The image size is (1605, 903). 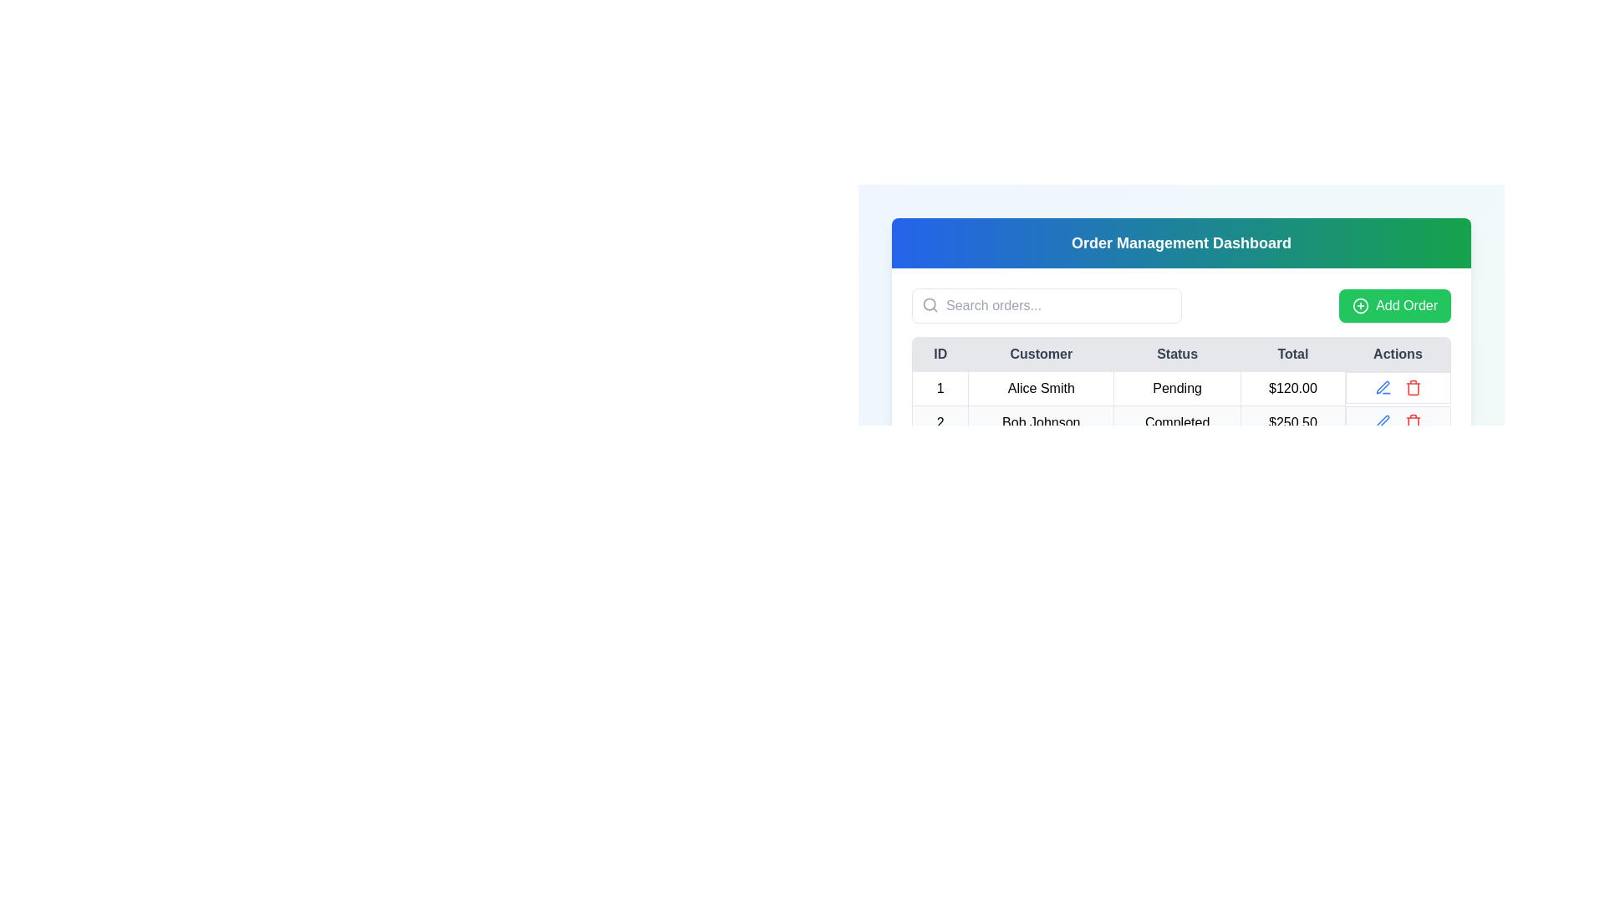 I want to click on the first row of the table that displays order details, including ID, customer name, status, total, and actions, so click(x=1180, y=406).